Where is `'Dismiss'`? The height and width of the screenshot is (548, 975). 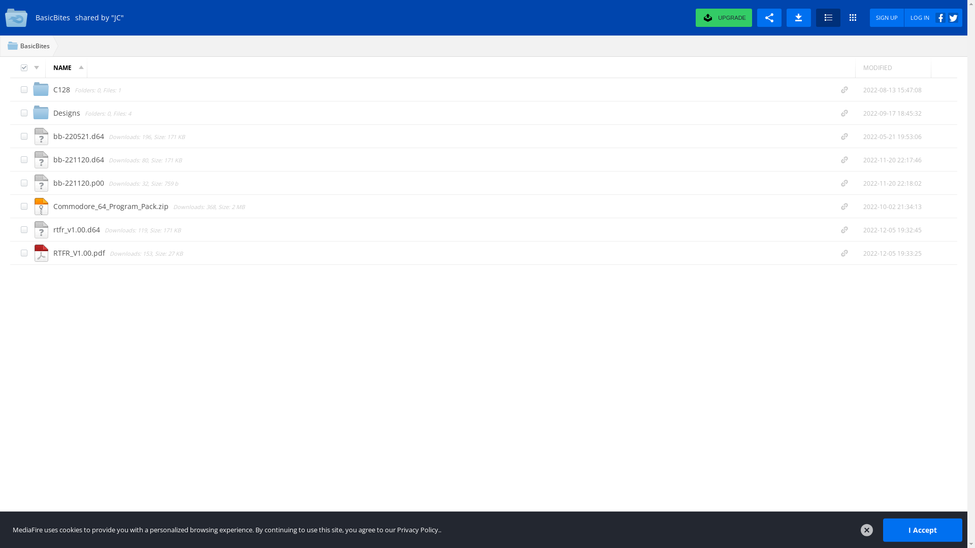
'Dismiss' is located at coordinates (866, 530).